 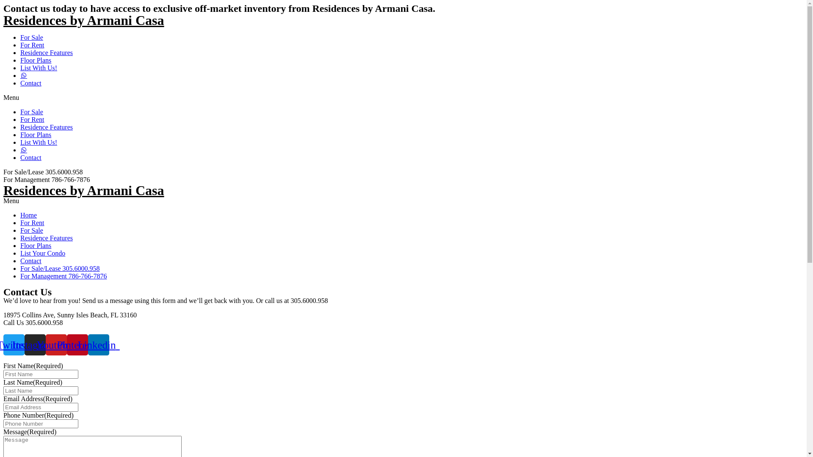 What do you see at coordinates (20, 215) in the screenshot?
I see `'Home'` at bounding box center [20, 215].